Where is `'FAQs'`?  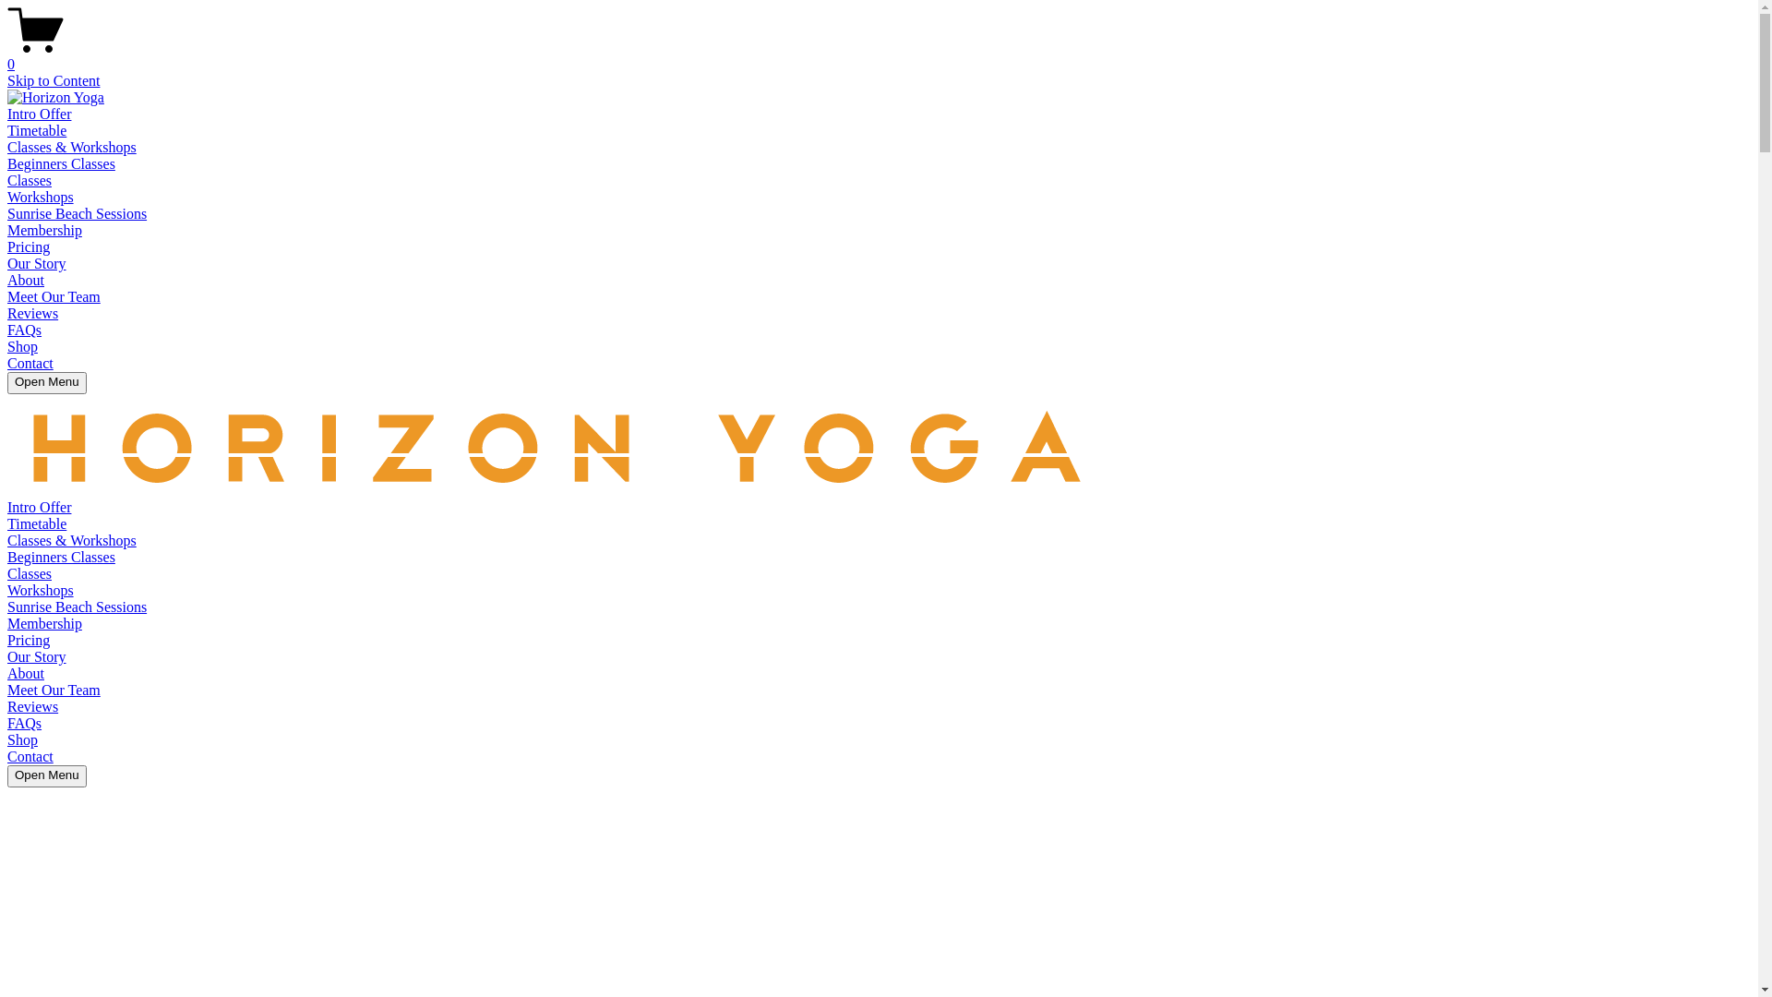 'FAQs' is located at coordinates (24, 329).